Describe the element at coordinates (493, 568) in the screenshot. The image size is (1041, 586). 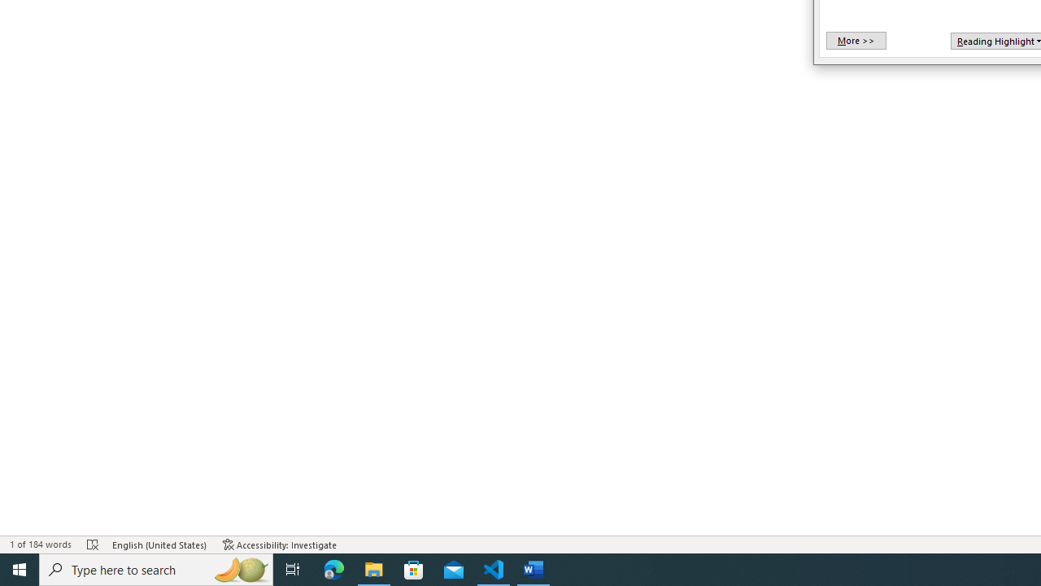
I see `'Visual Studio Code - 1 running window'` at that location.